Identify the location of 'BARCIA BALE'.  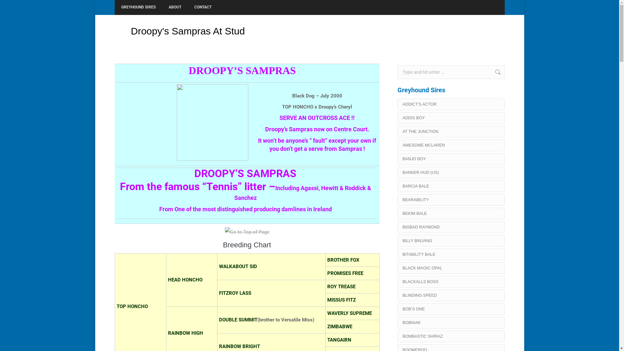
(450, 186).